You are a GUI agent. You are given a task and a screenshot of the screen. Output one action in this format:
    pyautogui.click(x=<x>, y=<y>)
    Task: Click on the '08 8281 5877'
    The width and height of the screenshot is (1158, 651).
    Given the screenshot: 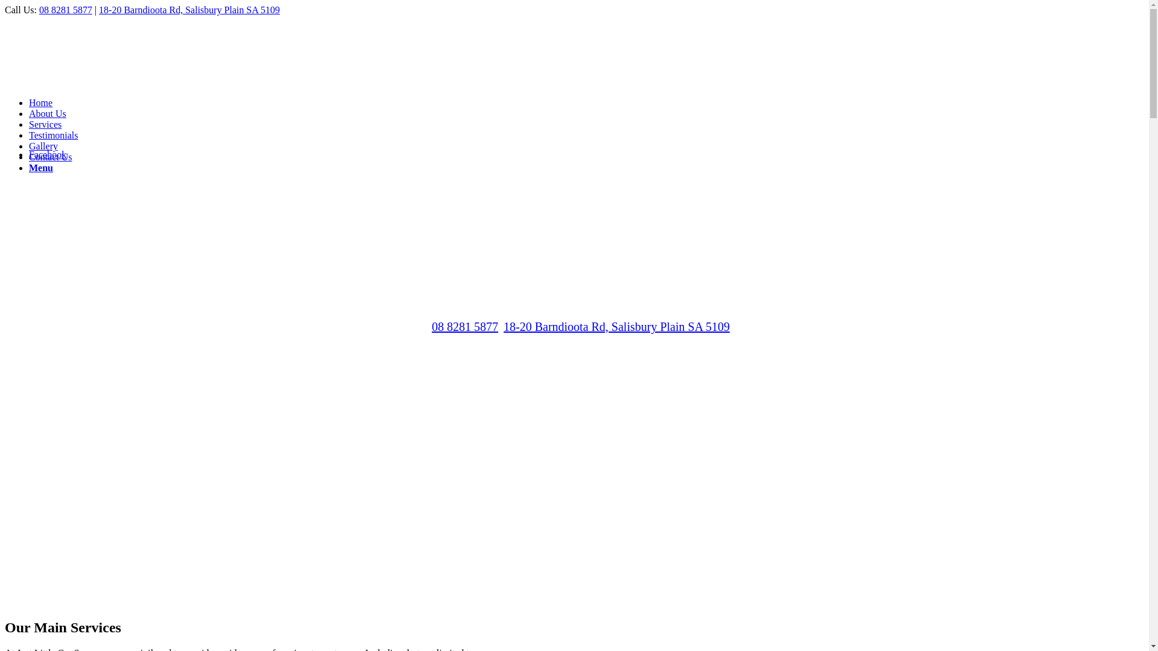 What is the action you would take?
    pyautogui.click(x=431, y=327)
    